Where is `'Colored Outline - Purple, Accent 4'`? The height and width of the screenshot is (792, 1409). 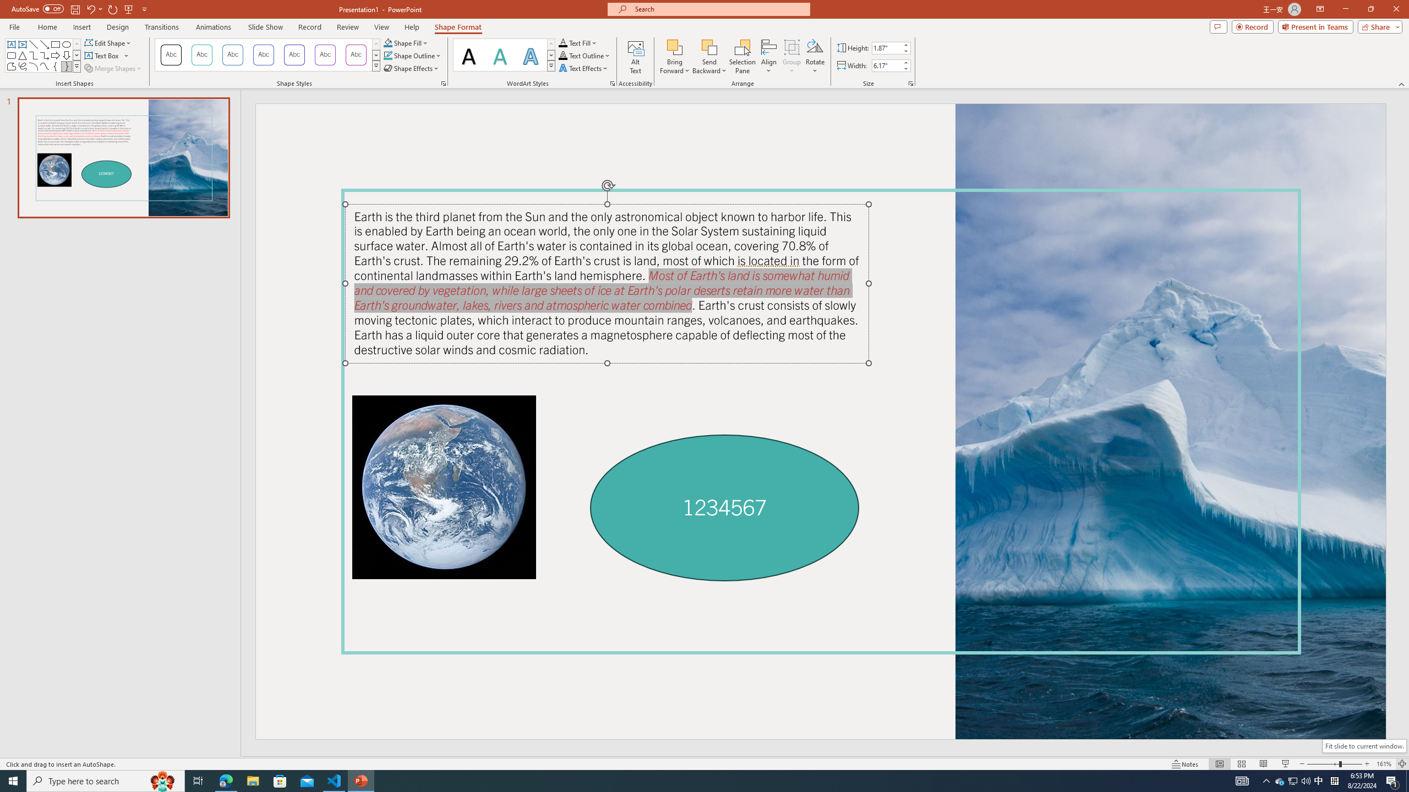 'Colored Outline - Purple, Accent 4' is located at coordinates (294, 54).